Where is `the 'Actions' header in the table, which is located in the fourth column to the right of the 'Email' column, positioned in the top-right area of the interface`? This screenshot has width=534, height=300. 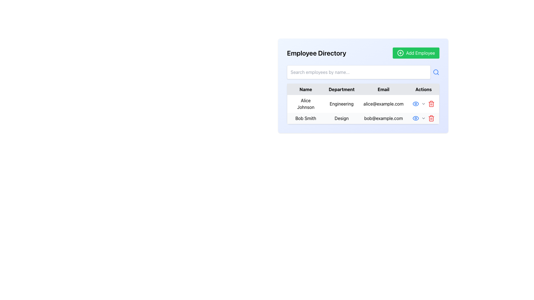 the 'Actions' header in the table, which is located in the fourth column to the right of the 'Email' column, positioned in the top-right area of the interface is located at coordinates (423, 89).